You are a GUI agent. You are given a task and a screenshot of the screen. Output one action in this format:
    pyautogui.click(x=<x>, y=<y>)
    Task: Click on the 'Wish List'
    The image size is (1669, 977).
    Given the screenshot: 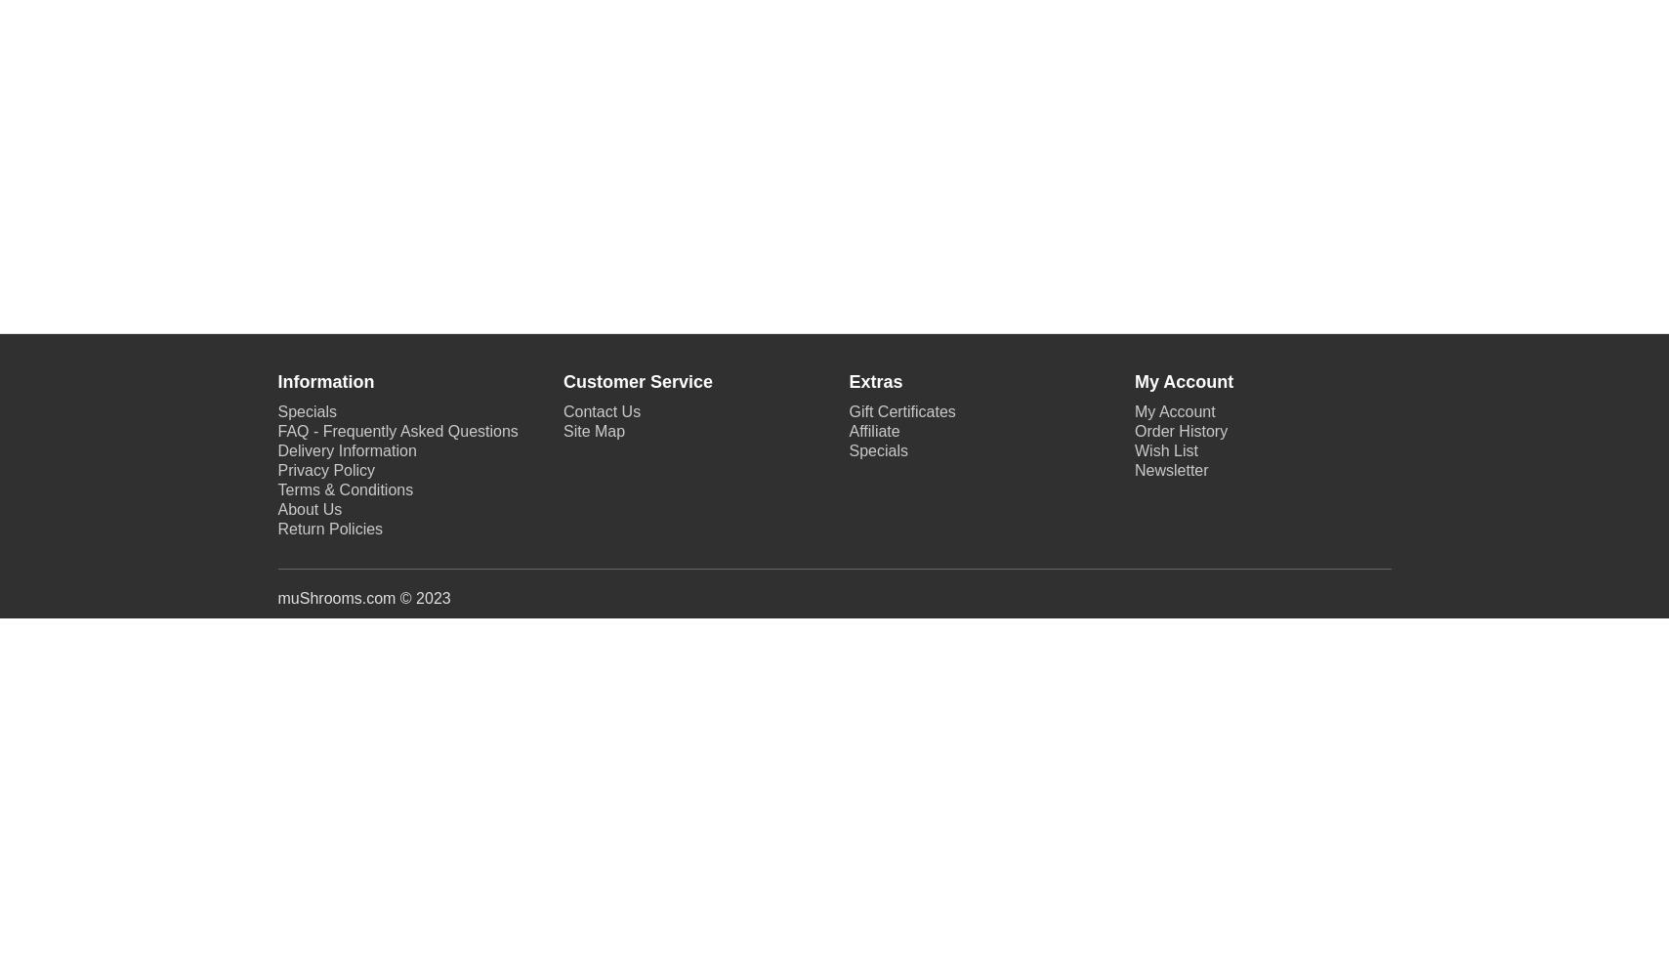 What is the action you would take?
    pyautogui.click(x=1166, y=449)
    